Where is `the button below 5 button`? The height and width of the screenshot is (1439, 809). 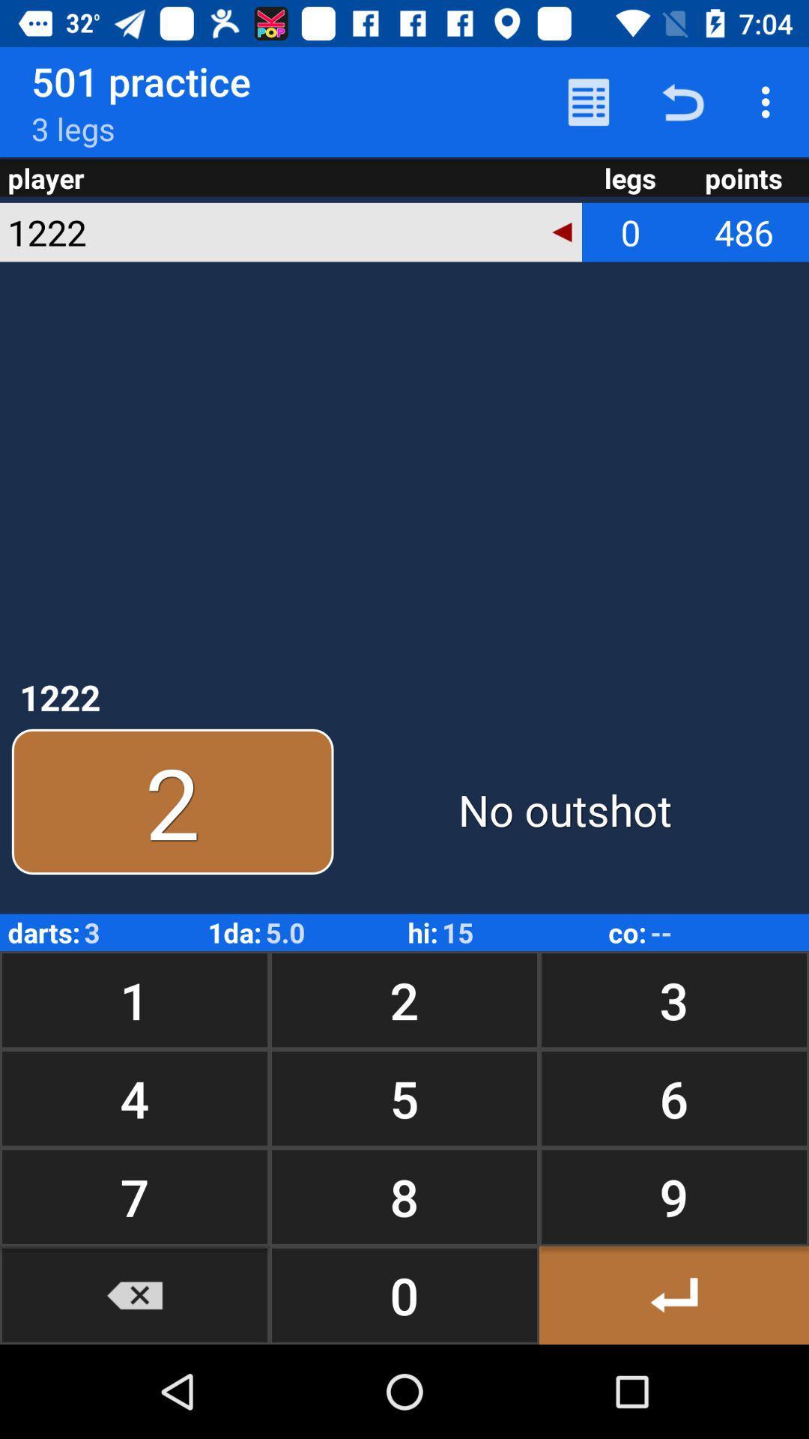
the button below 5 button is located at coordinates (673, 1196).